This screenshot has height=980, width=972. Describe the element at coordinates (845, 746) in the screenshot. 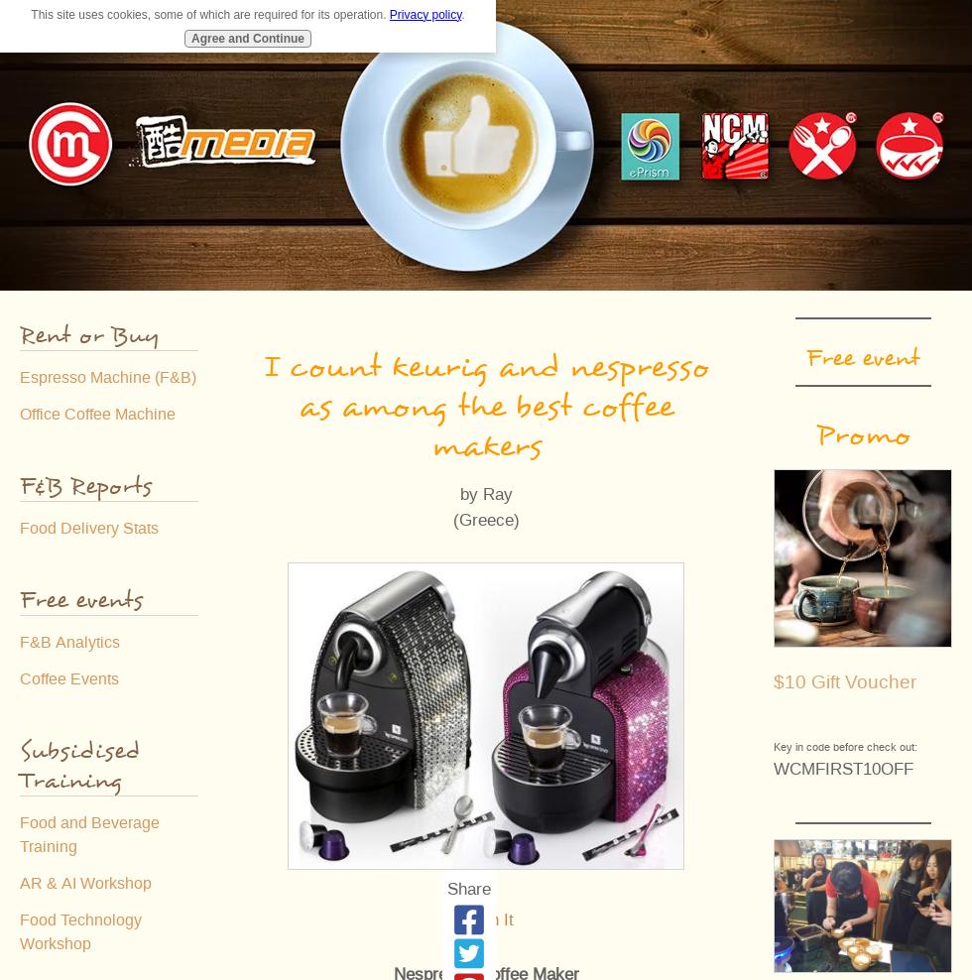

I see `'Key in code before check out:'` at that location.